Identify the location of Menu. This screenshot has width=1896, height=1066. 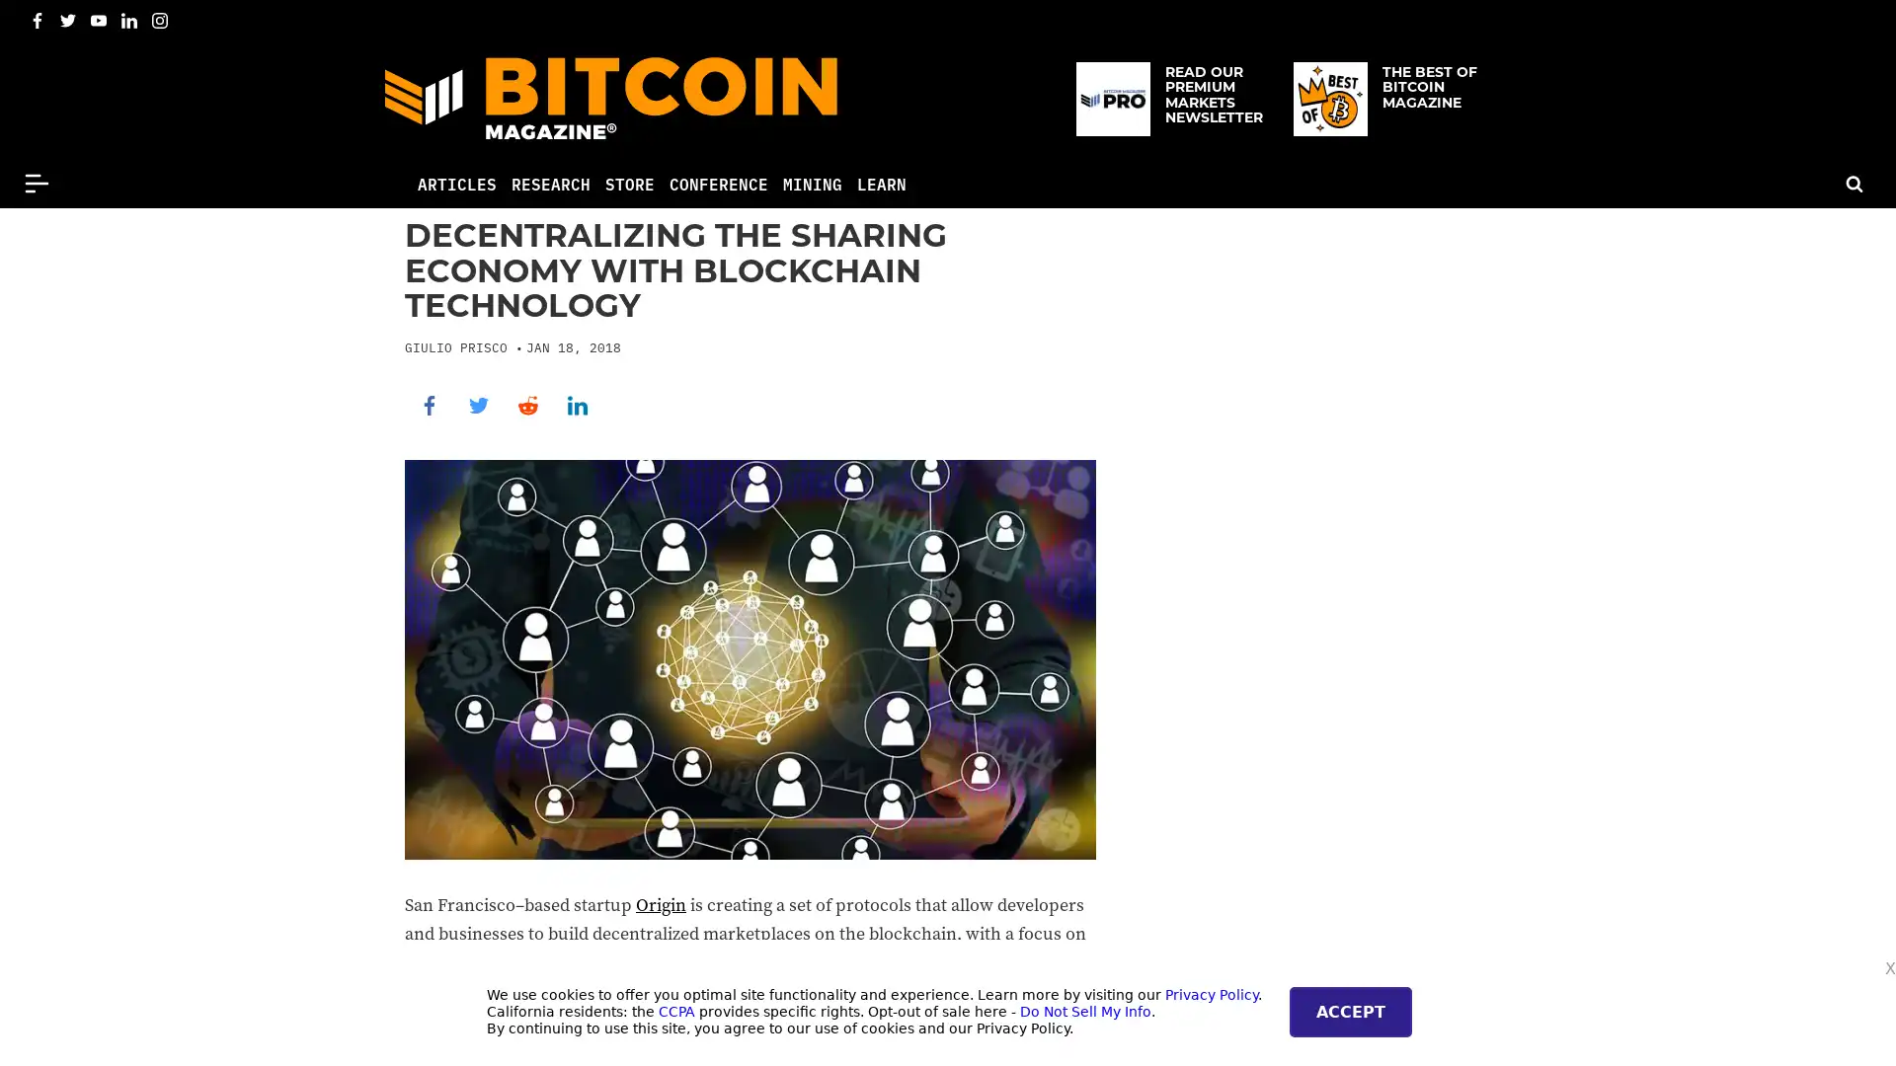
(37, 183).